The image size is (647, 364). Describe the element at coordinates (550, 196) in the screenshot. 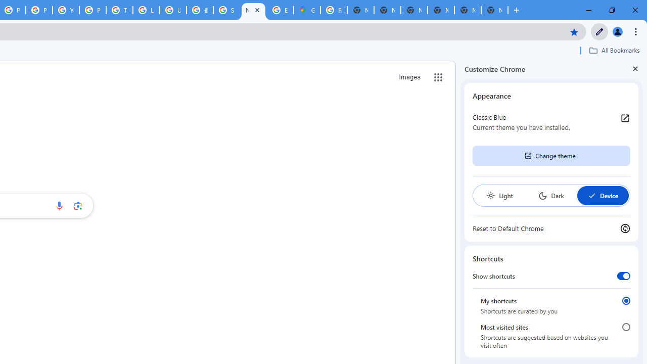

I see `'Dark'` at that location.